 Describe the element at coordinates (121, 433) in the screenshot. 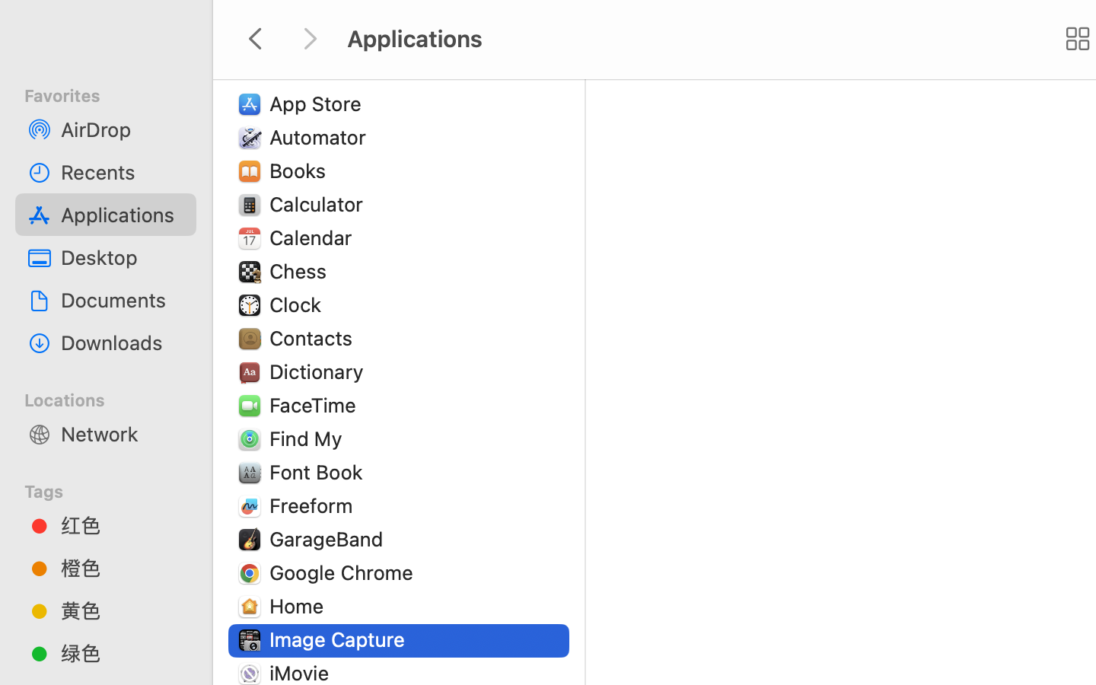

I see `'Network'` at that location.